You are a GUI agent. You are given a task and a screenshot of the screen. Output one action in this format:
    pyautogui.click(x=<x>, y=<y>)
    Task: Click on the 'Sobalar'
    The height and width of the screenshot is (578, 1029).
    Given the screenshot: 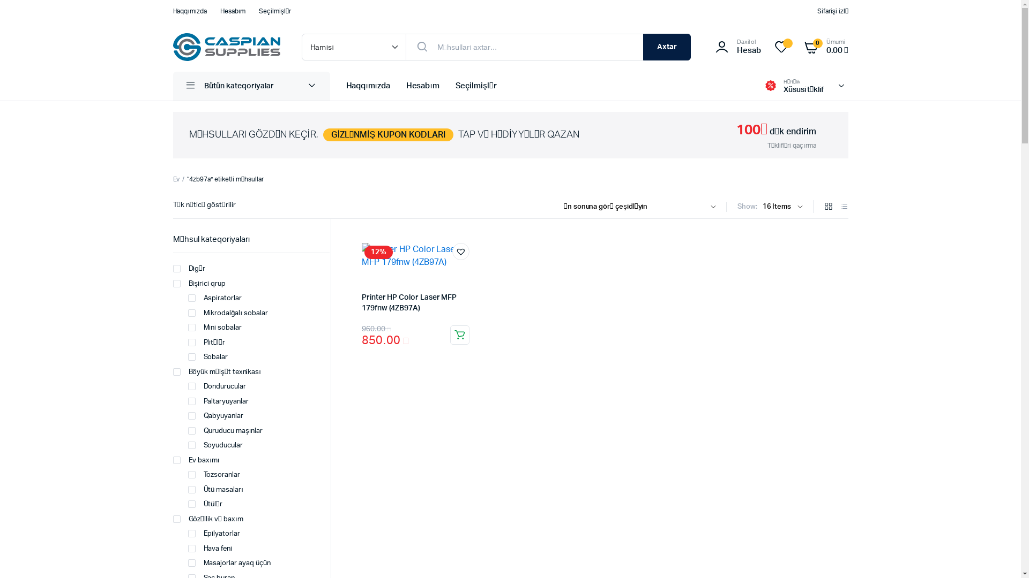 What is the action you would take?
    pyautogui.click(x=207, y=357)
    